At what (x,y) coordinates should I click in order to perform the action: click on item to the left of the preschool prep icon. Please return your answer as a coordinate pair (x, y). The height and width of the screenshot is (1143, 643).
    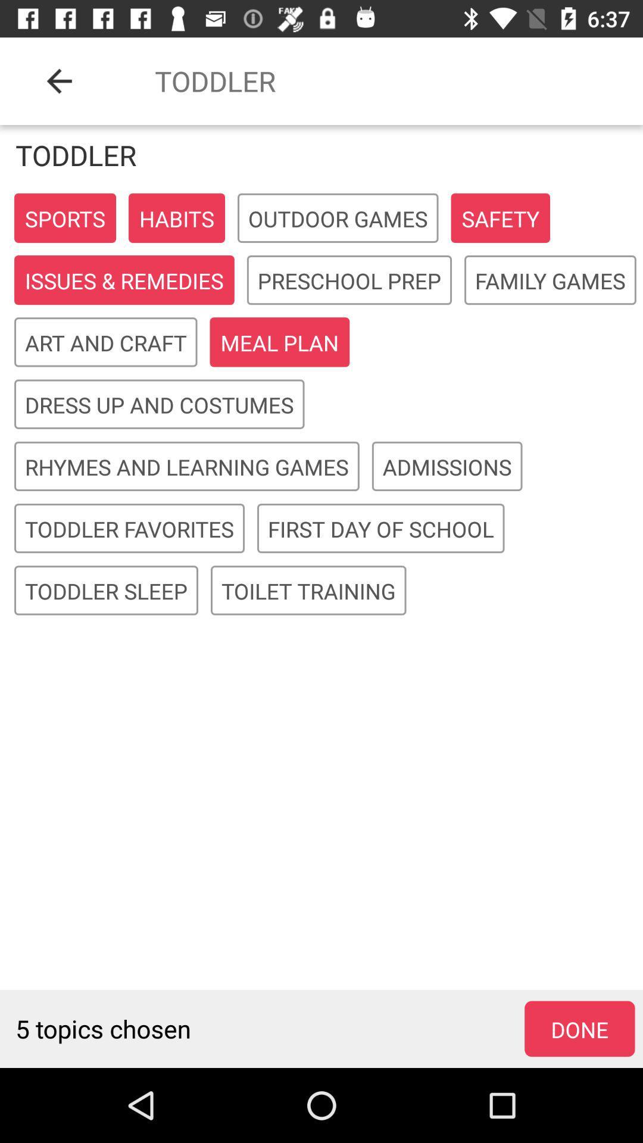
    Looking at the image, I should click on (124, 280).